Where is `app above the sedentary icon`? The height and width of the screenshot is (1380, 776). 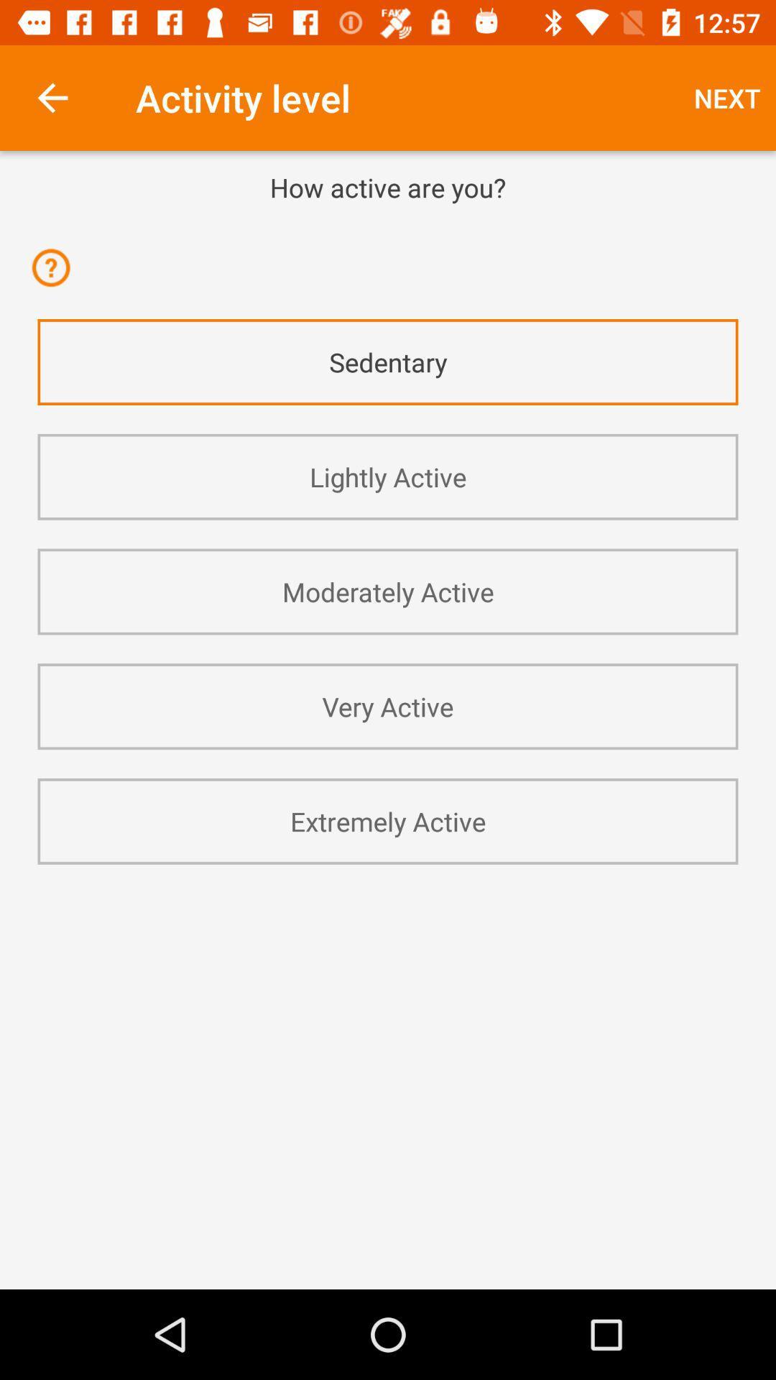
app above the sedentary icon is located at coordinates (55, 277).